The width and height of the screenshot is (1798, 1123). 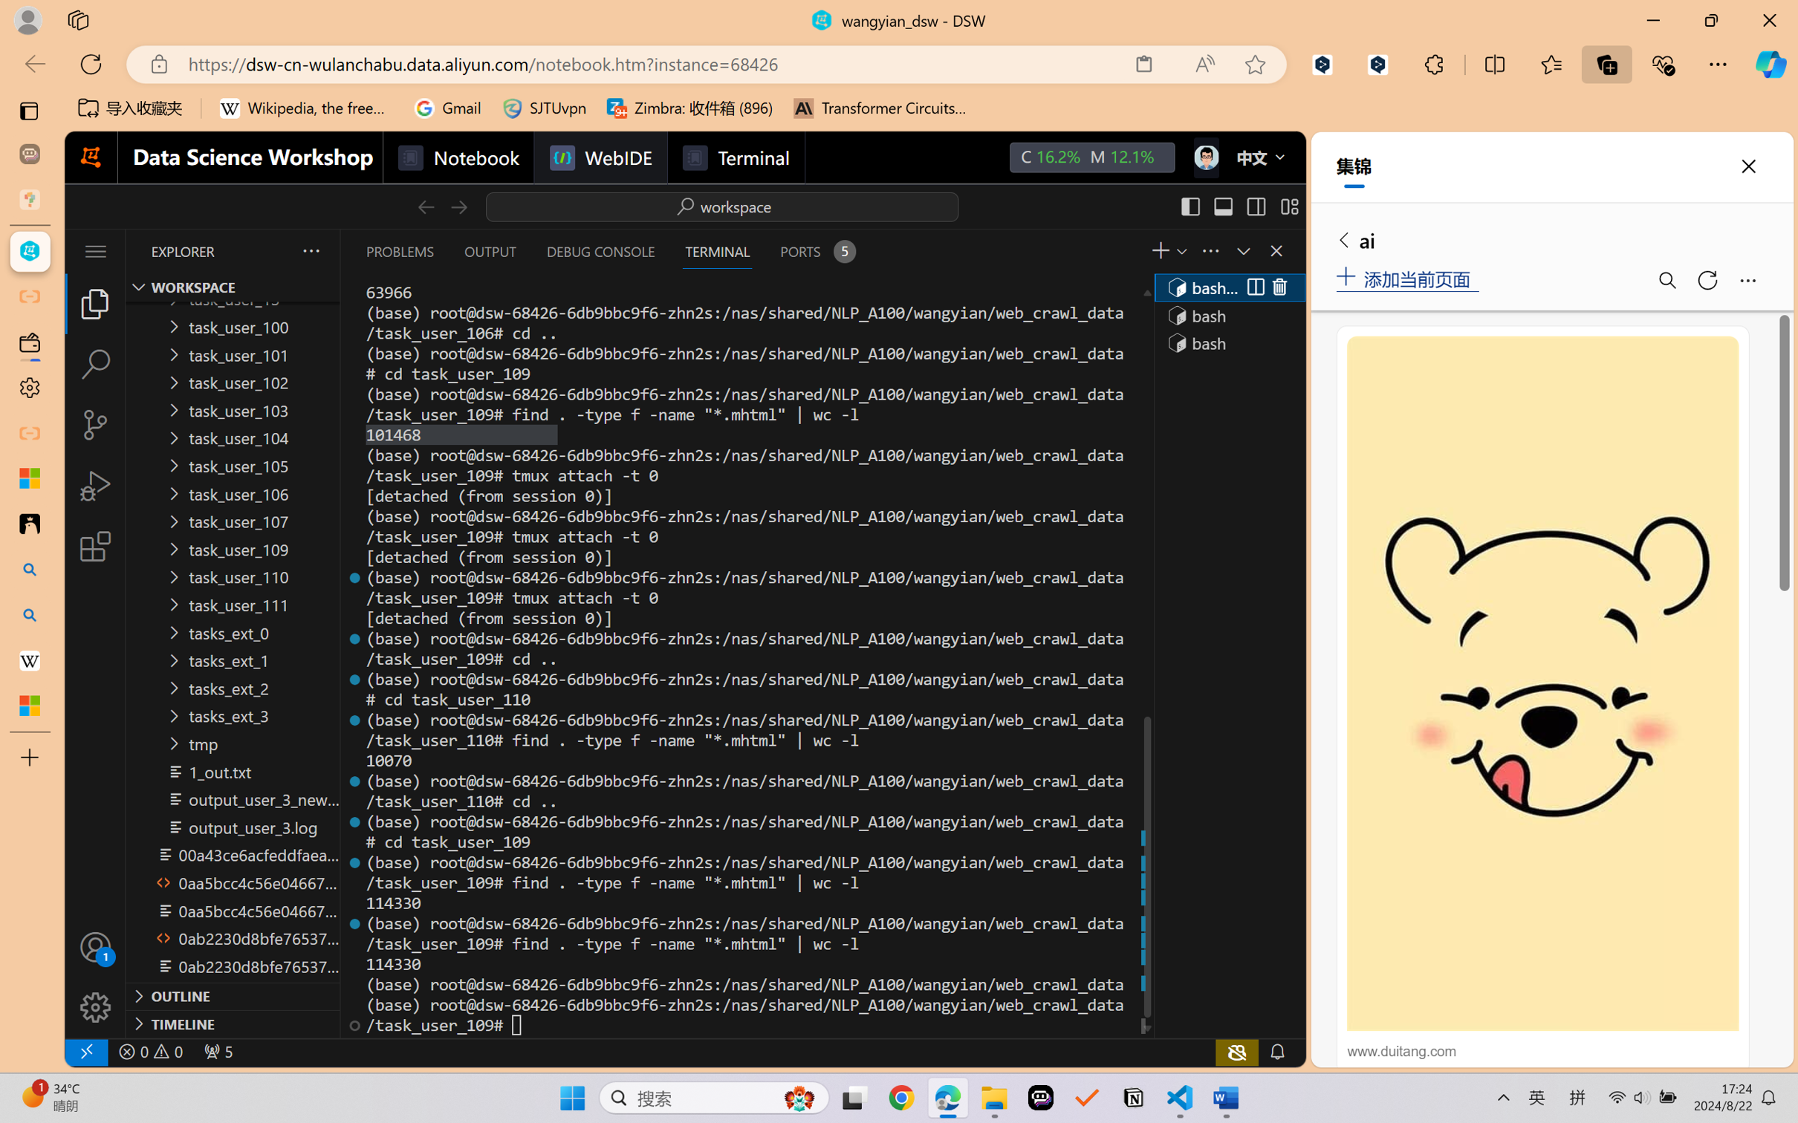 What do you see at coordinates (1241, 250) in the screenshot?
I see `'Restore Panel Size'` at bounding box center [1241, 250].